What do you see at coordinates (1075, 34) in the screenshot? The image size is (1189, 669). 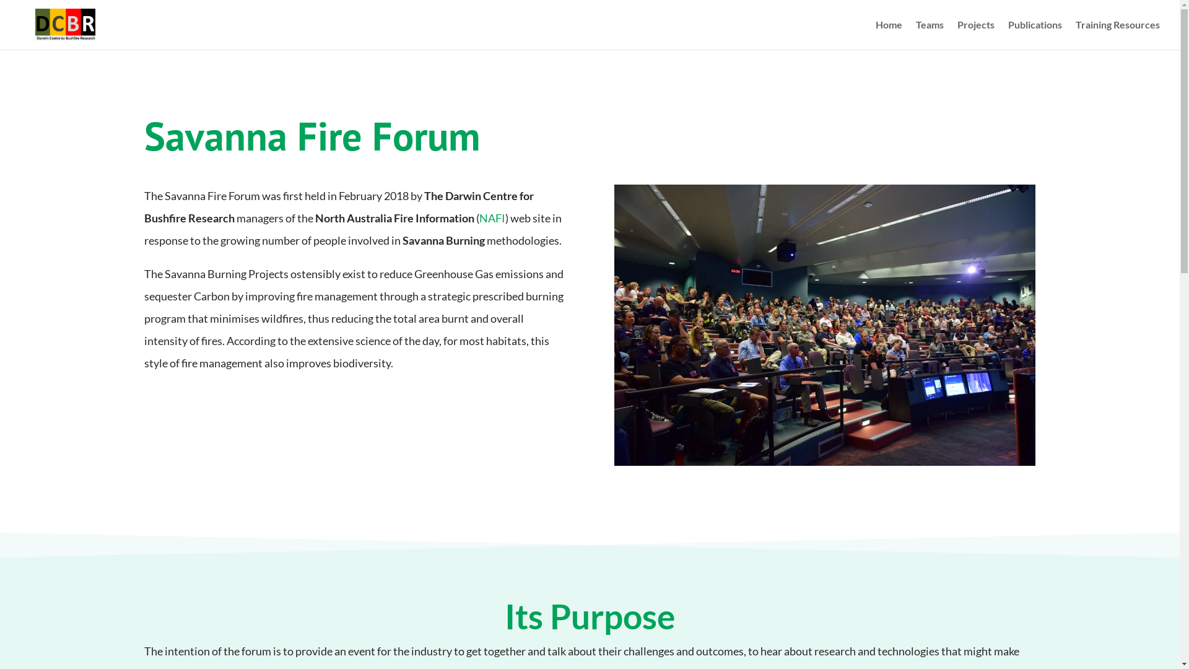 I see `'Training Resources'` at bounding box center [1075, 34].